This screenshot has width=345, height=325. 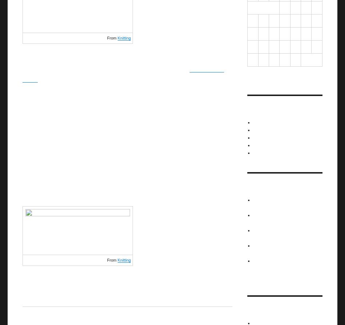 What do you see at coordinates (122, 73) in the screenshot?
I see `'original mitten design'` at bounding box center [122, 73].